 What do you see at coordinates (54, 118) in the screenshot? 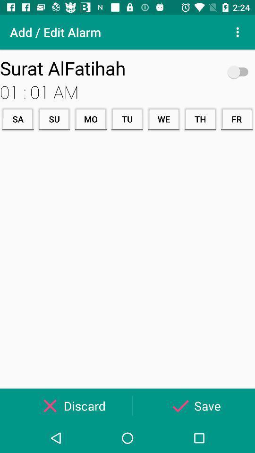
I see `the item next to mo icon` at bounding box center [54, 118].